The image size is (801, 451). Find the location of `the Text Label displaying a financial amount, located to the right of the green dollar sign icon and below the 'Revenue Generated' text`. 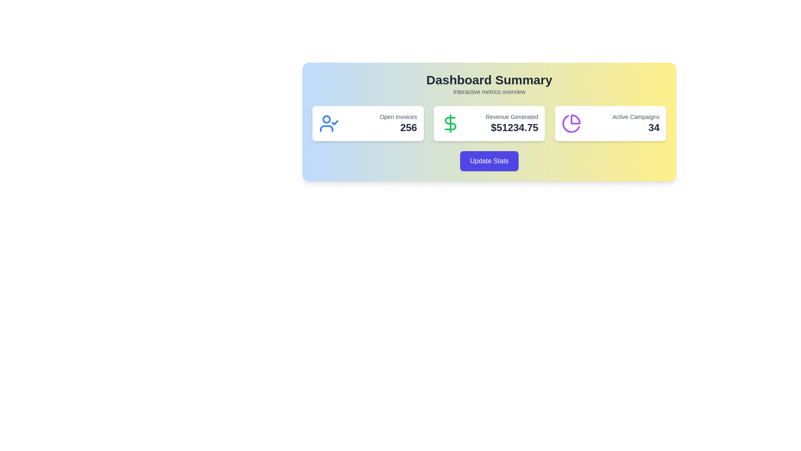

the Text Label displaying a financial amount, located to the right of the green dollar sign icon and below the 'Revenue Generated' text is located at coordinates (511, 127).